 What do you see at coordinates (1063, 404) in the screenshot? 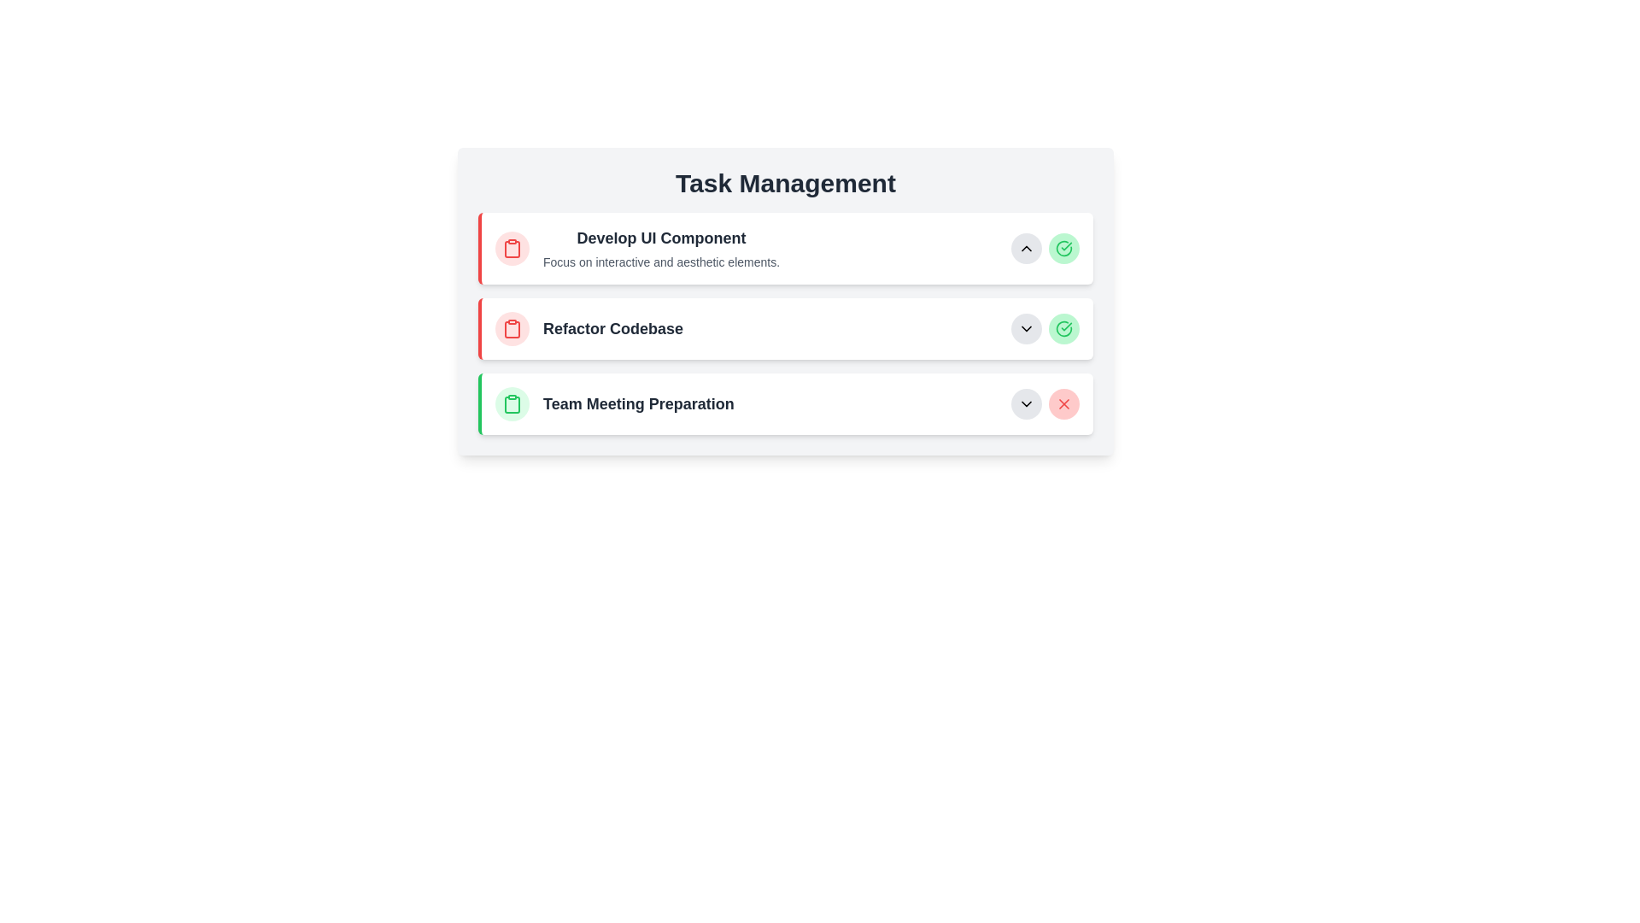
I see `the small red circular interactive icon with an 'X' symbol, located at the far right of the third horizontal task entry` at bounding box center [1063, 404].